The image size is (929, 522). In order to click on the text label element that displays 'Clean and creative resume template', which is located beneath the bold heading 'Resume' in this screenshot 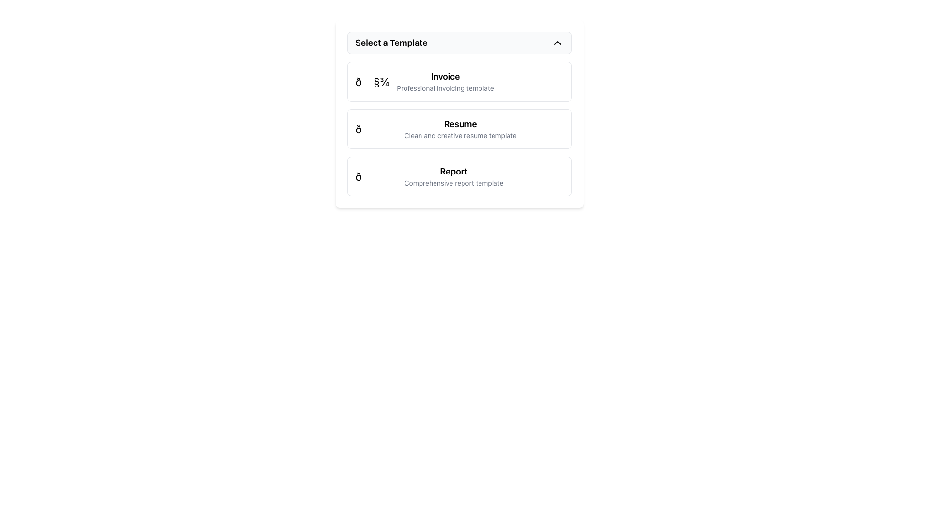, I will do `click(460, 136)`.